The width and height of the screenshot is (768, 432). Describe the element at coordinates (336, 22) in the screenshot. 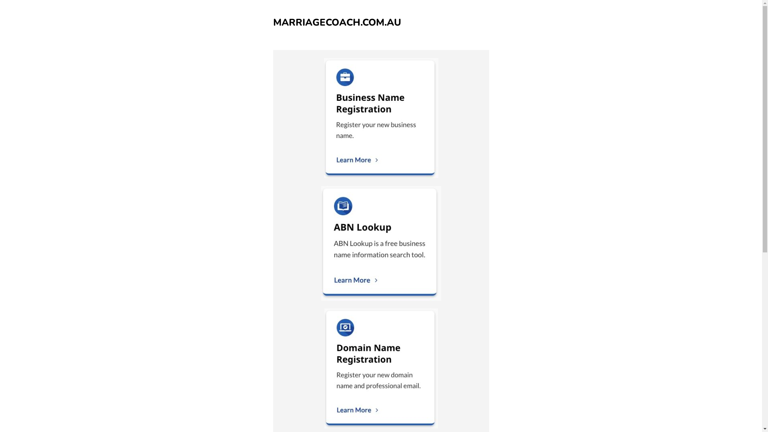

I see `'MARRIAGECOACH.COM.AU'` at that location.